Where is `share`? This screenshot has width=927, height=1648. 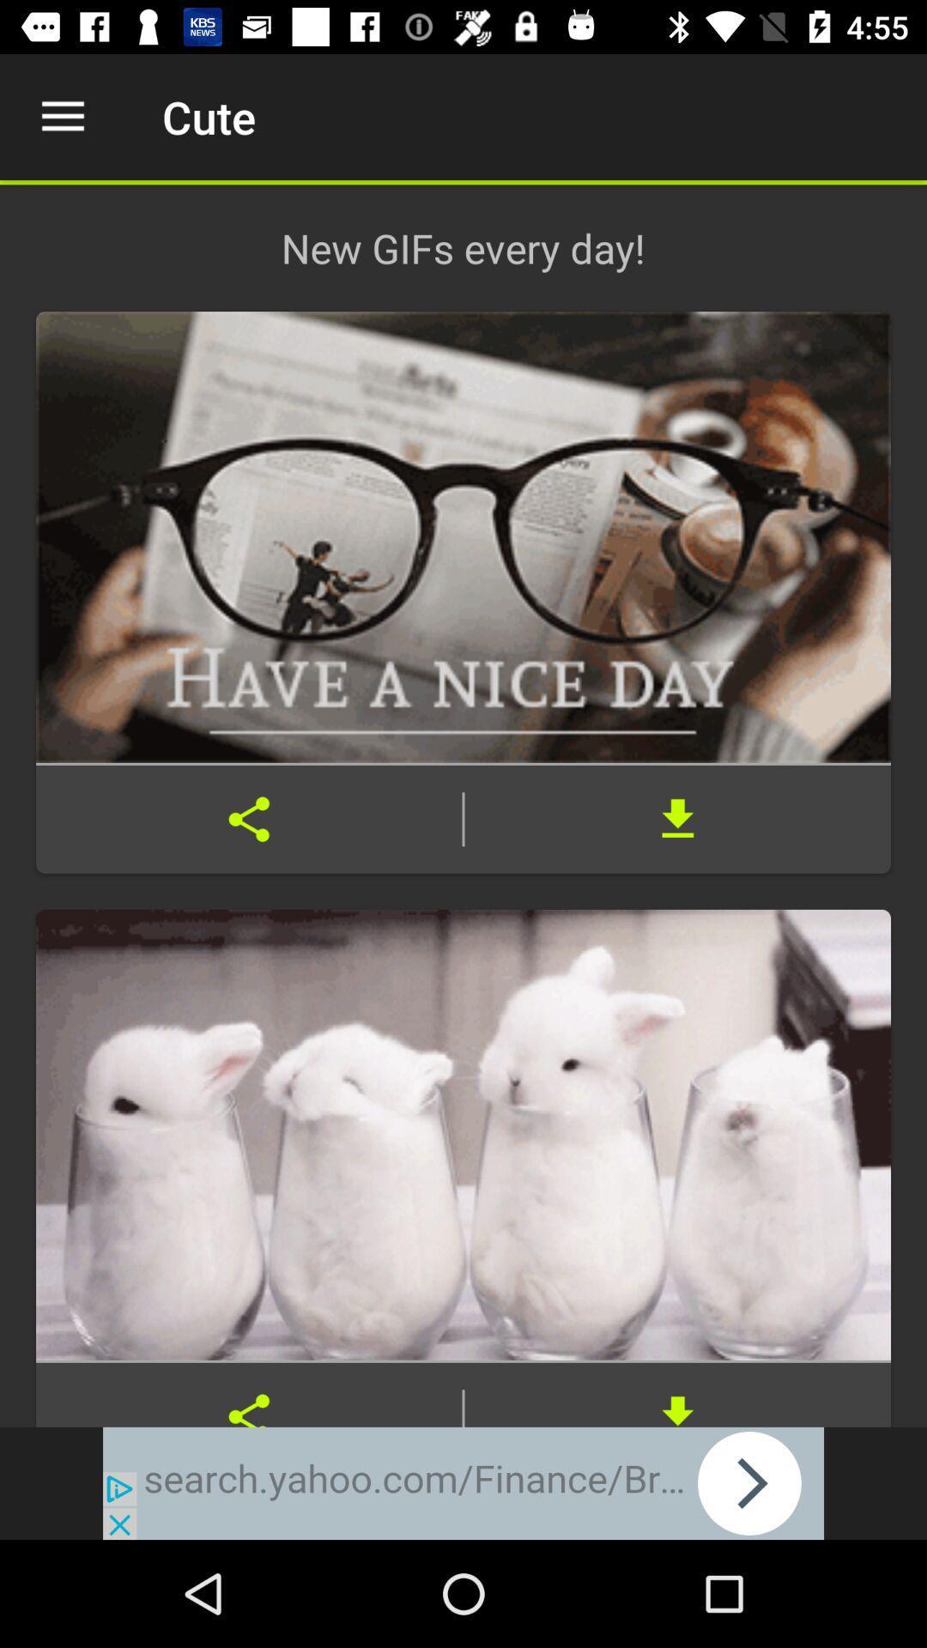 share is located at coordinates (249, 818).